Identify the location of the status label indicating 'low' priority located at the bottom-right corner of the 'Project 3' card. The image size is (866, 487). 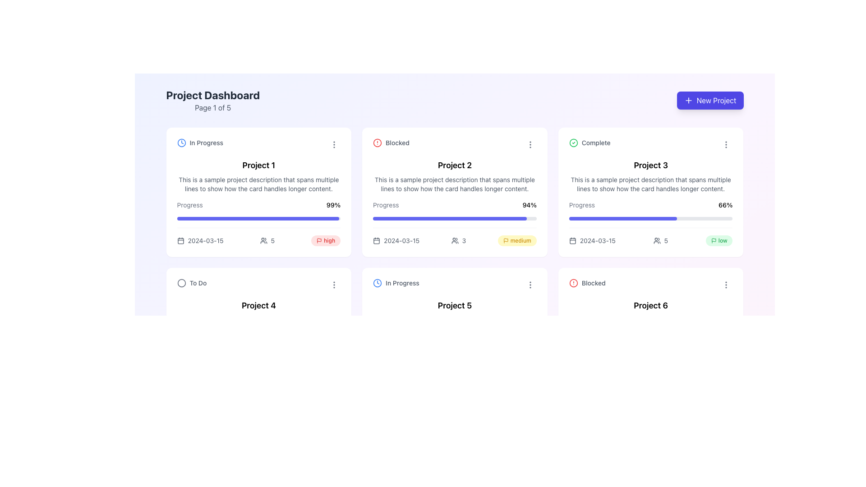
(719, 240).